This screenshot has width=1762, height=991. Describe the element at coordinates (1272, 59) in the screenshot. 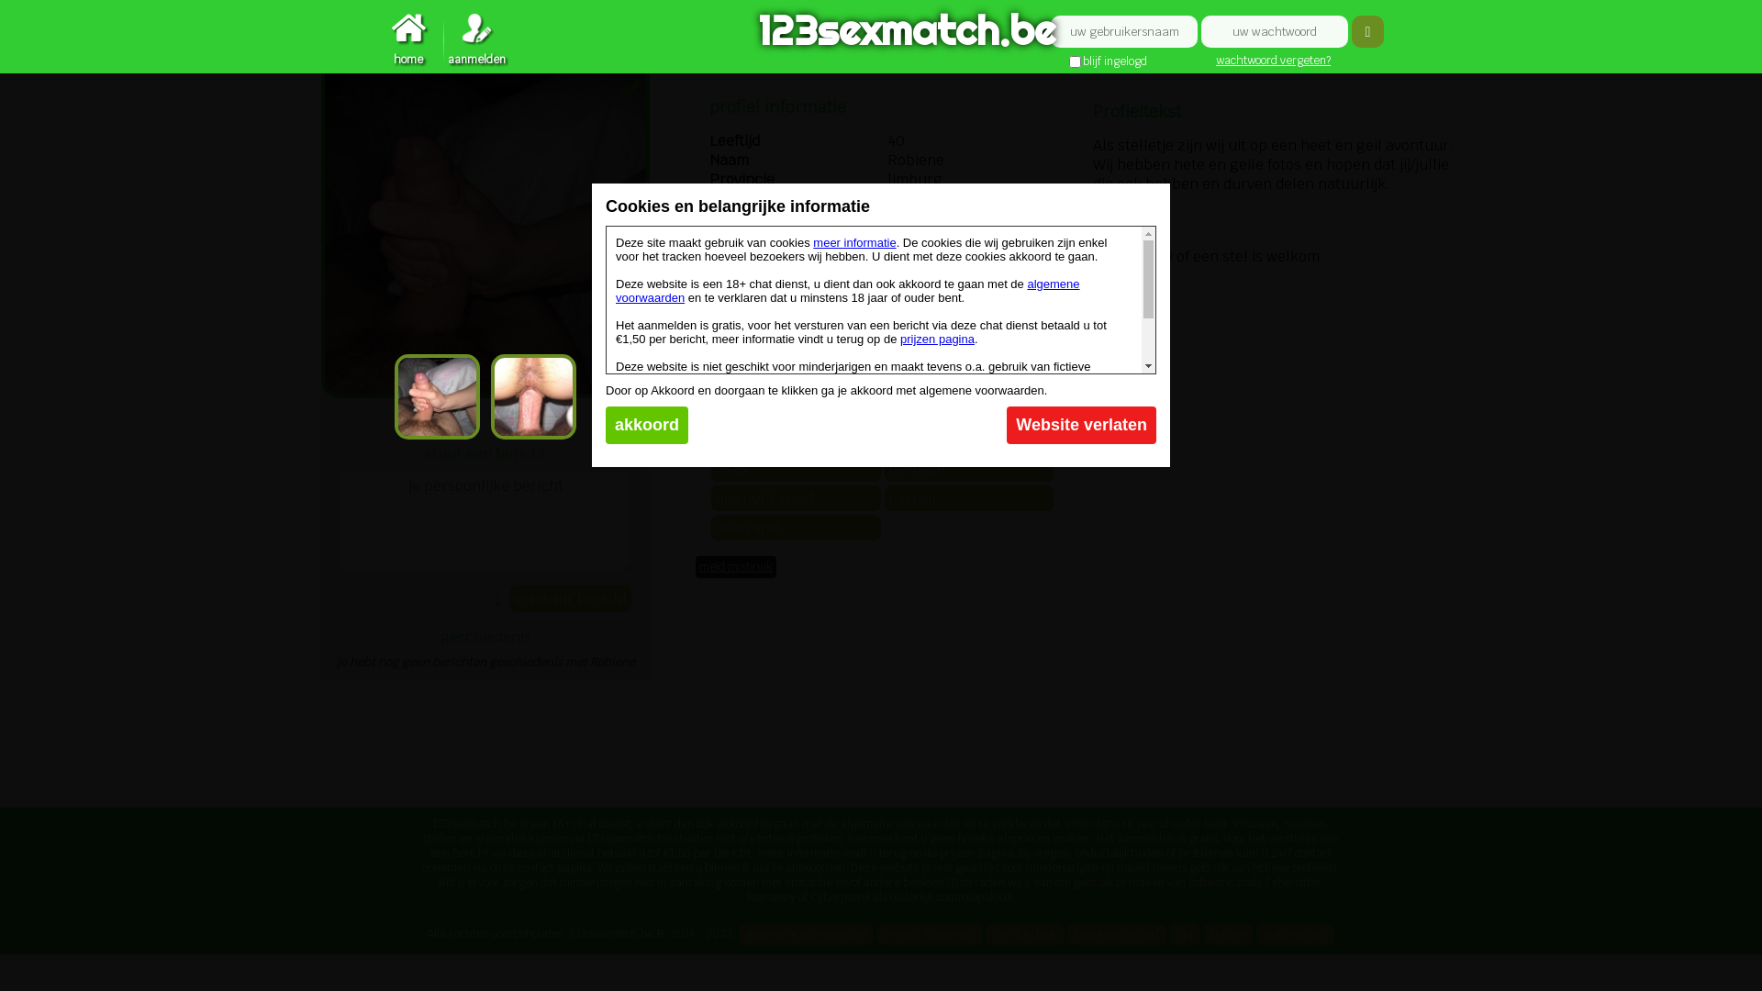

I see `'wachtwoord vergeten?'` at that location.